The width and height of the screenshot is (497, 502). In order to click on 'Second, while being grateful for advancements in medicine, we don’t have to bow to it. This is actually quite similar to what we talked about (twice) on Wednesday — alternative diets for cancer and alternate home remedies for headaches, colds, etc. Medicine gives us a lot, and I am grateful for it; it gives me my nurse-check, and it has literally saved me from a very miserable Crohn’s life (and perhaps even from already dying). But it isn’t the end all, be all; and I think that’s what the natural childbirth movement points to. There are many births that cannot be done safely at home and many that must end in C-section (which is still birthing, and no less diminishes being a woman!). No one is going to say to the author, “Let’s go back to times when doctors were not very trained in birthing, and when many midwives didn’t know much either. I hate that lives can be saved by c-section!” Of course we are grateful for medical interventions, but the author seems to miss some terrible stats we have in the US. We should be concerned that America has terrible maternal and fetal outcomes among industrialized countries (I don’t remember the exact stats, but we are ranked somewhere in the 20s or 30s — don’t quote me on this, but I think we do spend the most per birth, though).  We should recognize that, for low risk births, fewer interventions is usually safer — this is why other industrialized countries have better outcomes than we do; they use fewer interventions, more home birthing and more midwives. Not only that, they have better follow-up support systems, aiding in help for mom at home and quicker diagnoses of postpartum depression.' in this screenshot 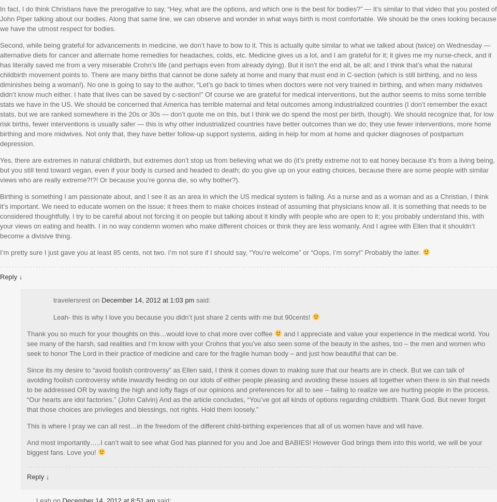, I will do `click(246, 94)`.